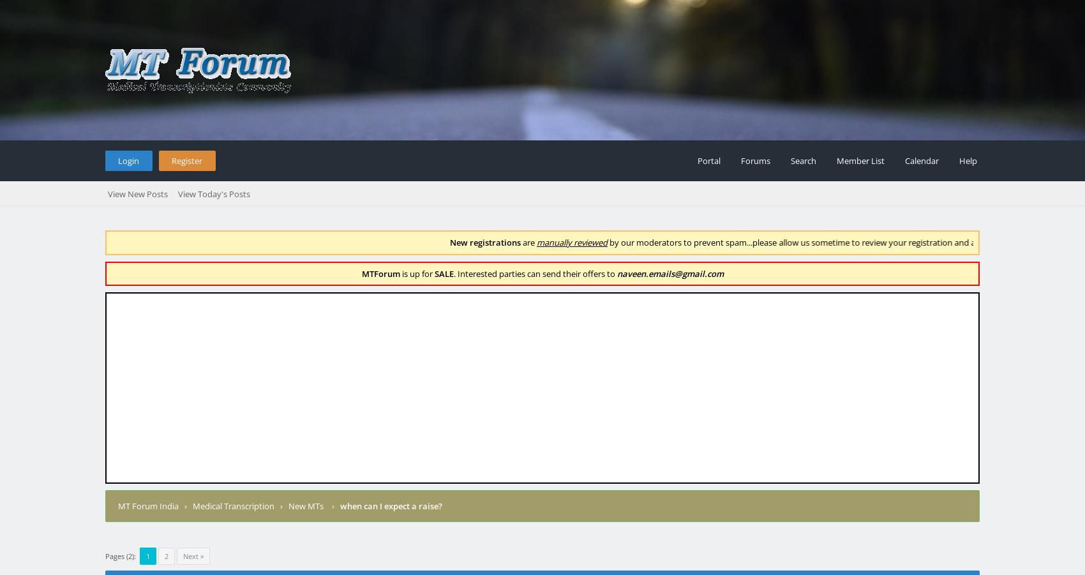 The height and width of the screenshot is (575, 1085). Describe the element at coordinates (233, 505) in the screenshot. I see `'Medical Transcription'` at that location.